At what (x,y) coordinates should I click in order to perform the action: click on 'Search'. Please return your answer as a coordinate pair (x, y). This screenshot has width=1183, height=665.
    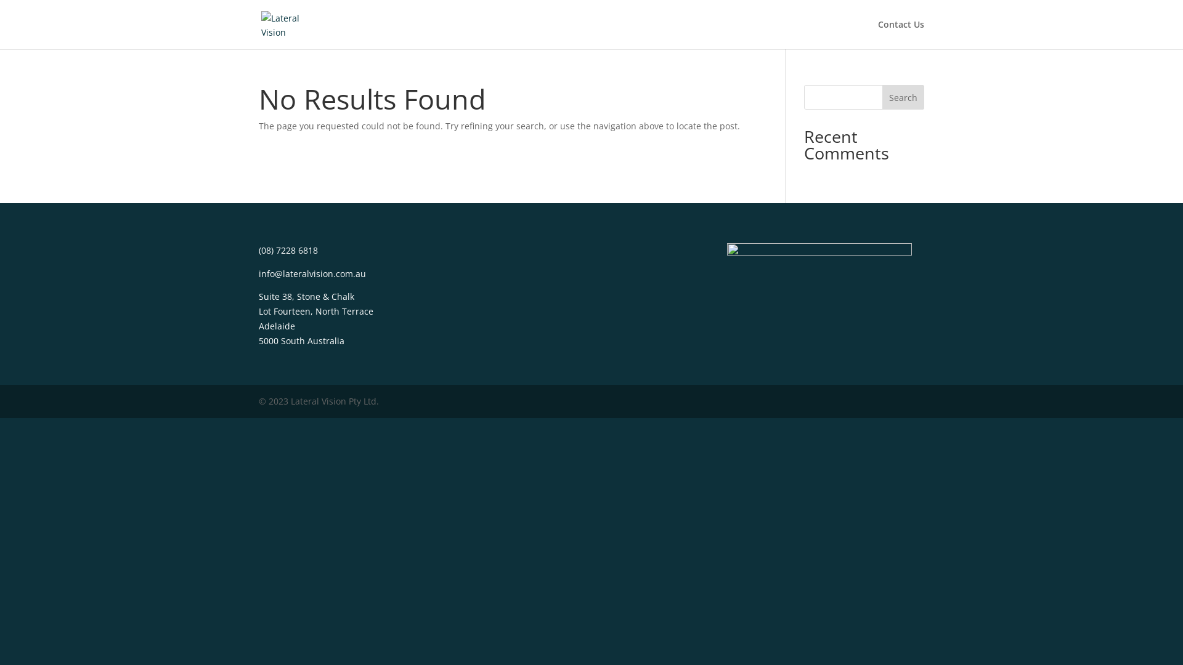
    Looking at the image, I should click on (903, 97).